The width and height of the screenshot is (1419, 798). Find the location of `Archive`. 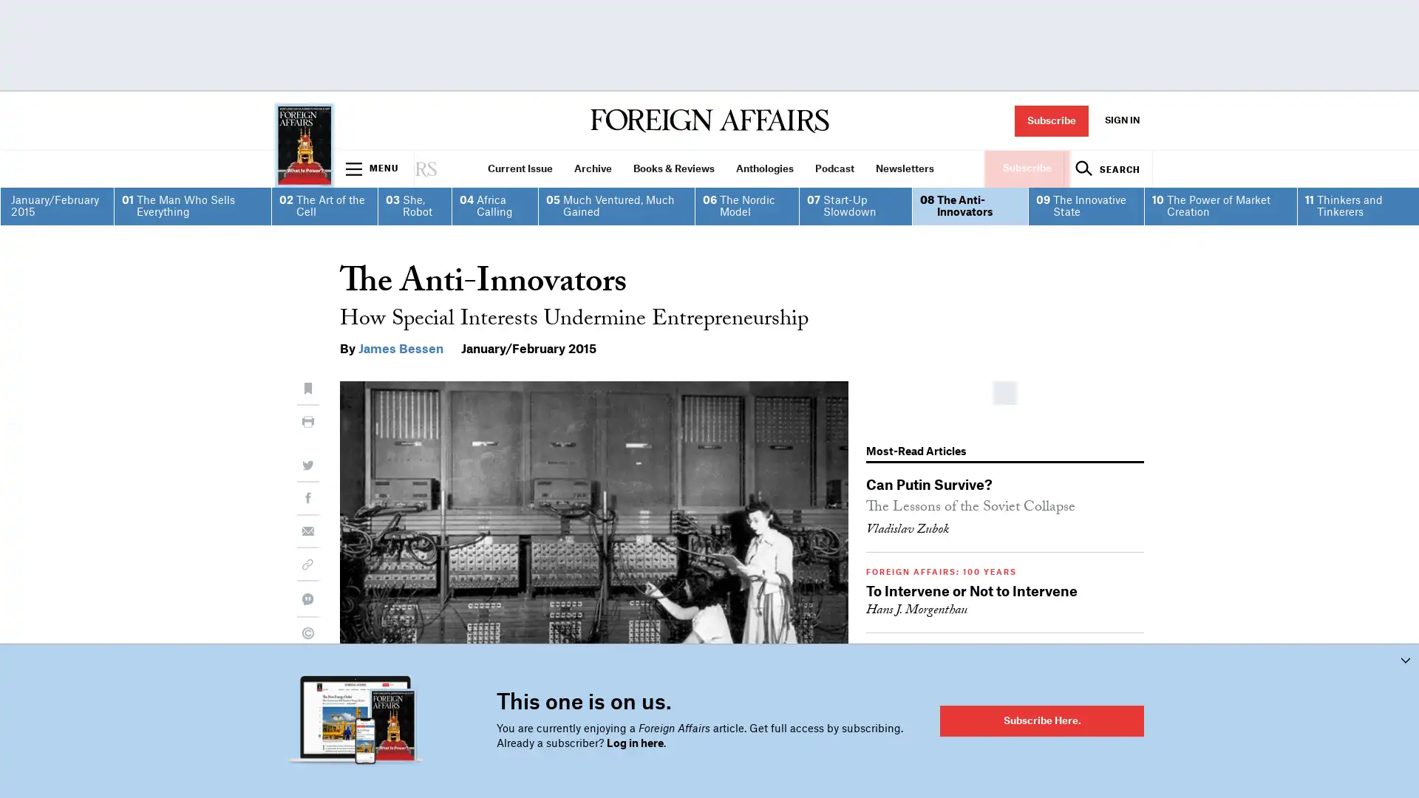

Archive is located at coordinates (592, 168).